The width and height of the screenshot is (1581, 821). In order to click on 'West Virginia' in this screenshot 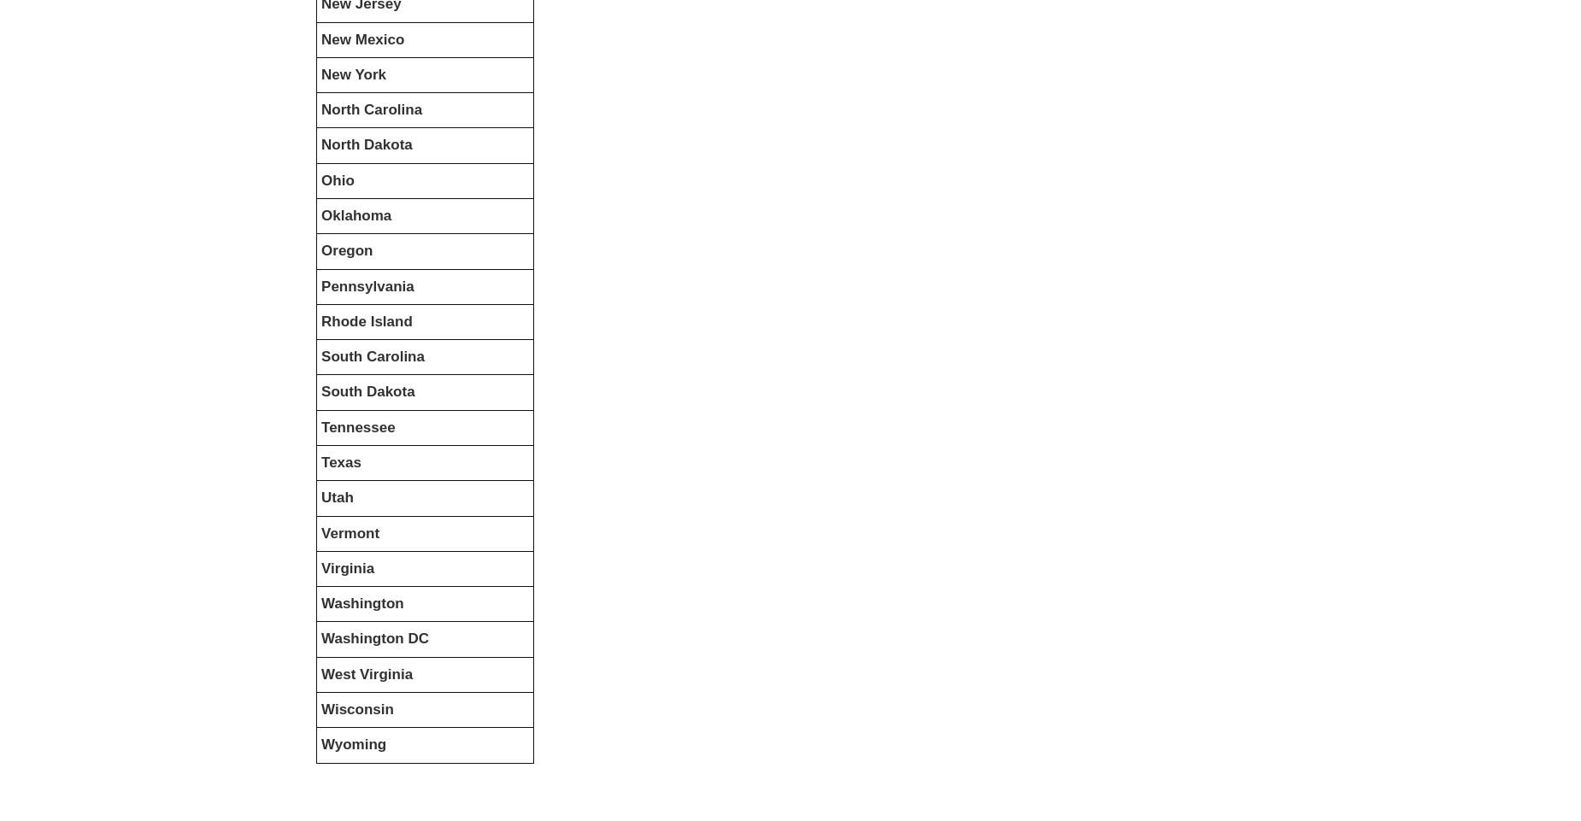, I will do `click(366, 672)`.